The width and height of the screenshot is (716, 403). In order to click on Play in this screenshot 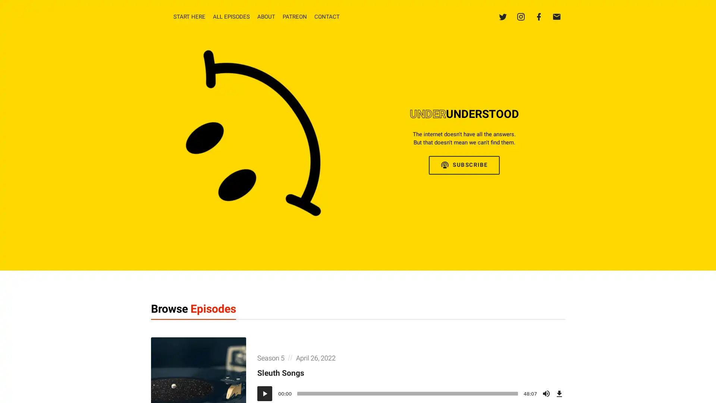, I will do `click(265, 393)`.